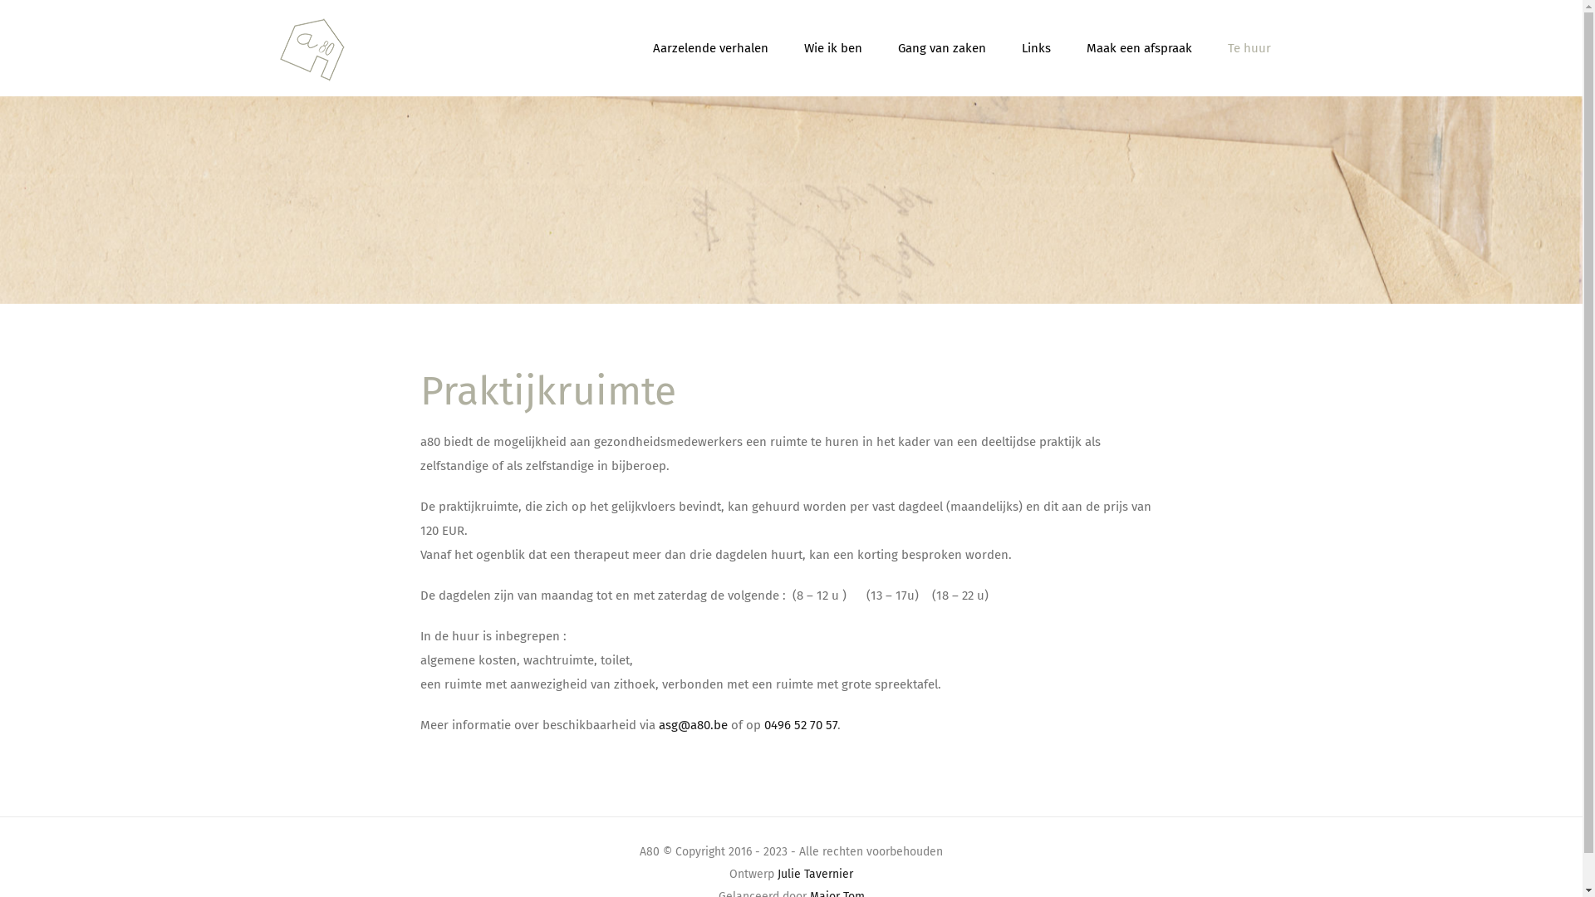  What do you see at coordinates (1249, 47) in the screenshot?
I see `'Te huur'` at bounding box center [1249, 47].